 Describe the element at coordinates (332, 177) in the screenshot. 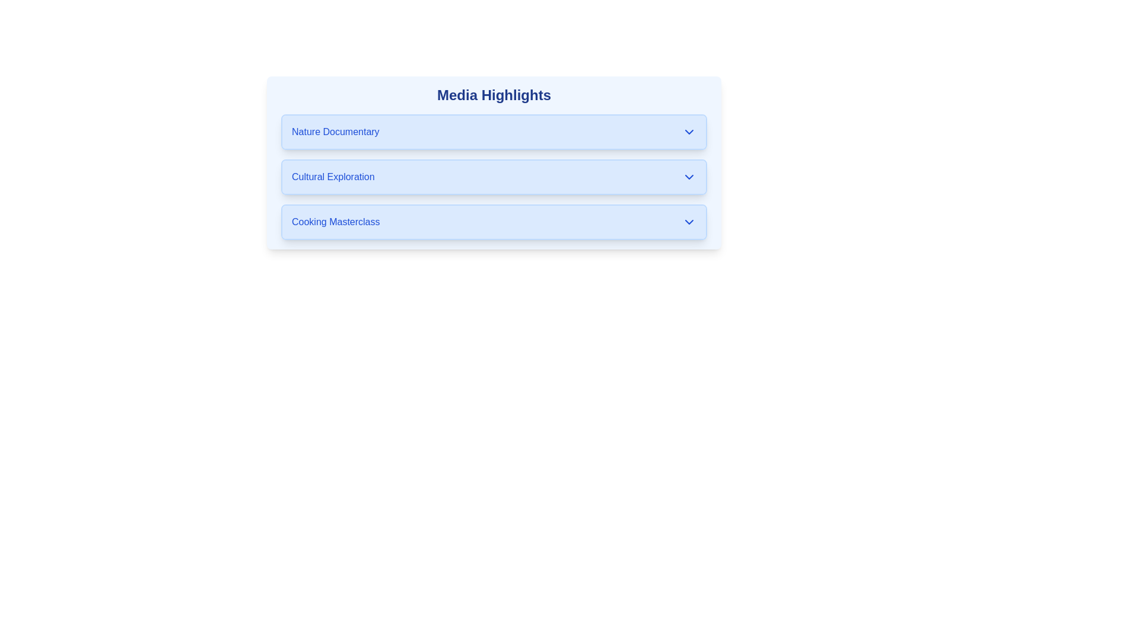

I see `text label that serves as the title for the 'Media Highlights' section, located centrally aligned in the second menu item of the list, positioned below 'Nature Documentary' and above 'Cooking Masterclass'` at that location.